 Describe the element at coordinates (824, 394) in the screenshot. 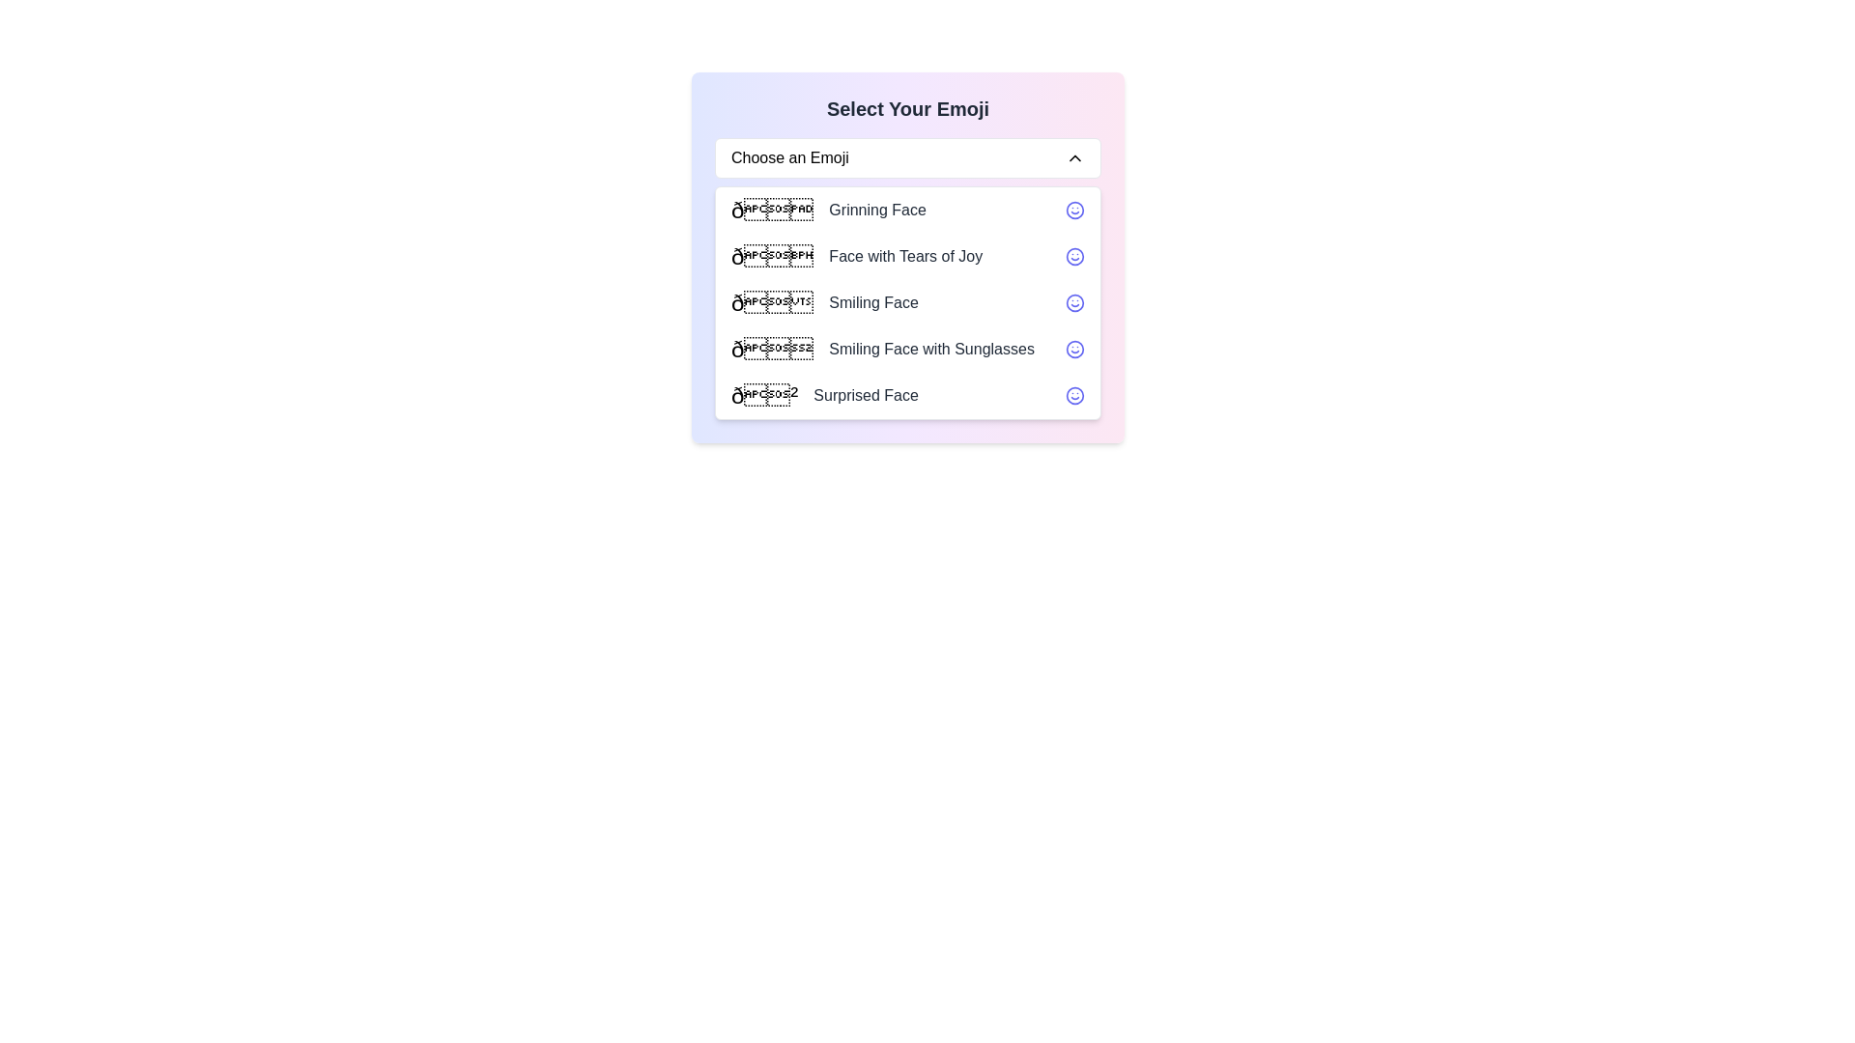

I see `to select the 'Surprised Face' emoji from the fifth item in the vertical list beneath the 'Smiling Face with Sunglasses'` at that location.